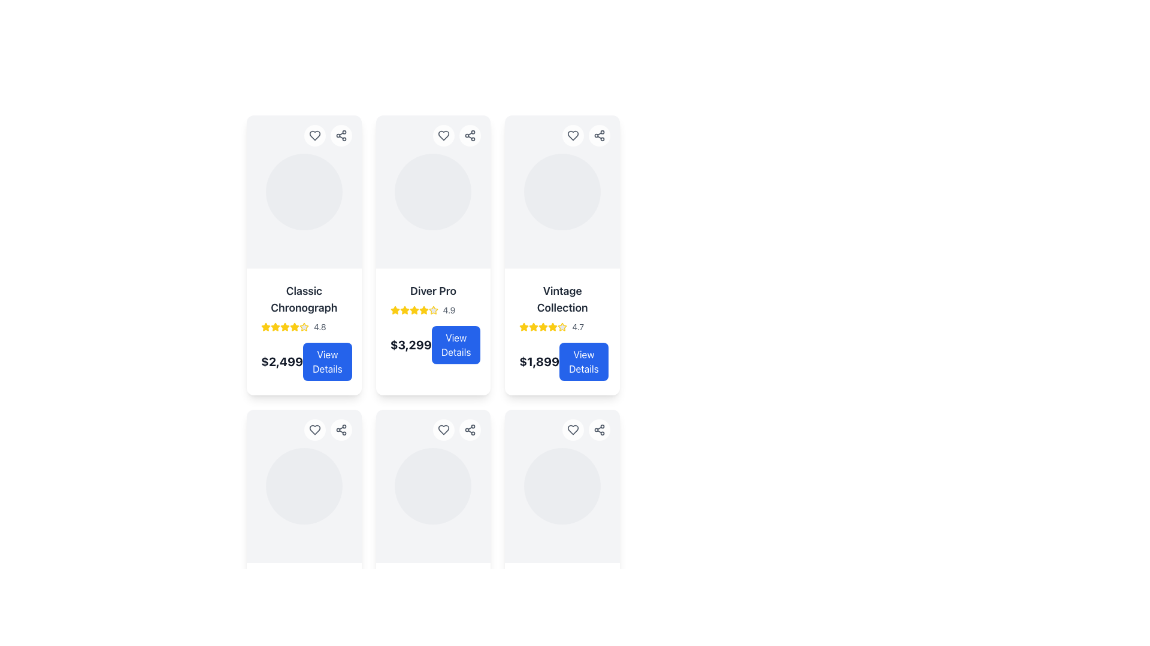 Image resolution: width=1150 pixels, height=646 pixels. What do you see at coordinates (314, 429) in the screenshot?
I see `the 'favorite' icon button located in the central portion of the item card in the second row` at bounding box center [314, 429].